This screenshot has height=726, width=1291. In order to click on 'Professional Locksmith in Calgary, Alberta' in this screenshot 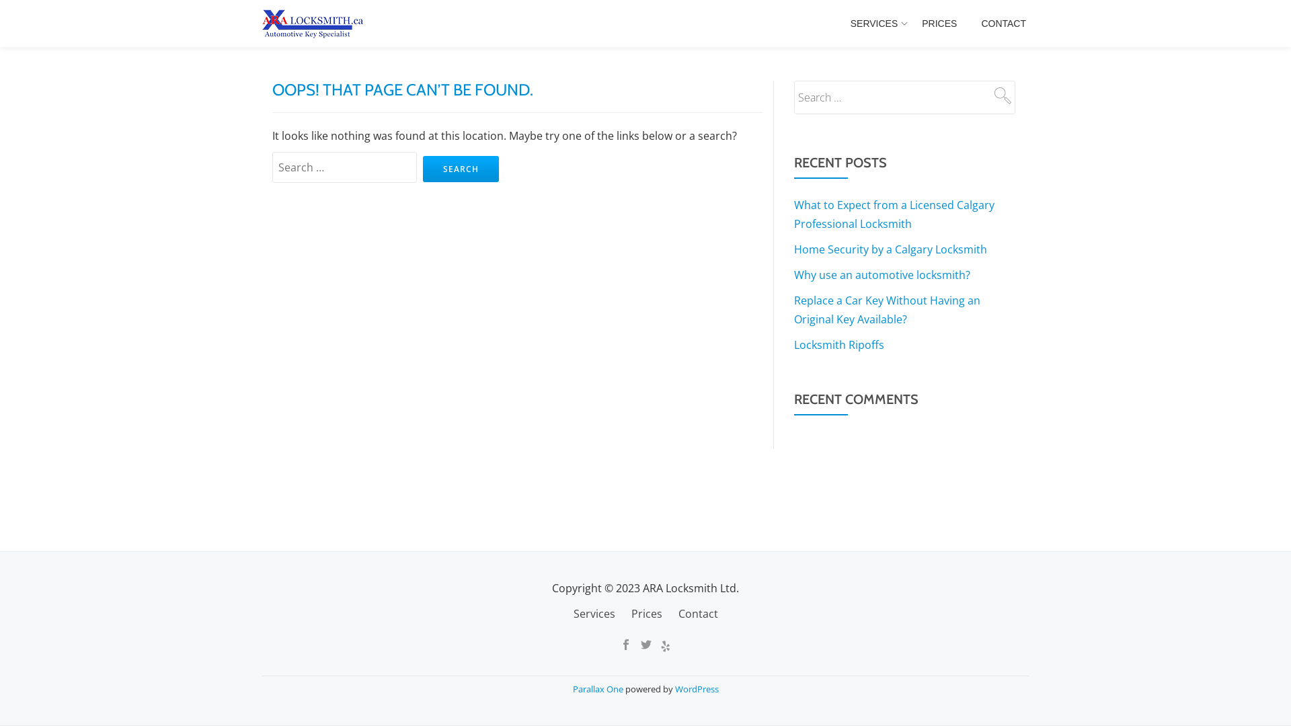, I will do `click(314, 23)`.